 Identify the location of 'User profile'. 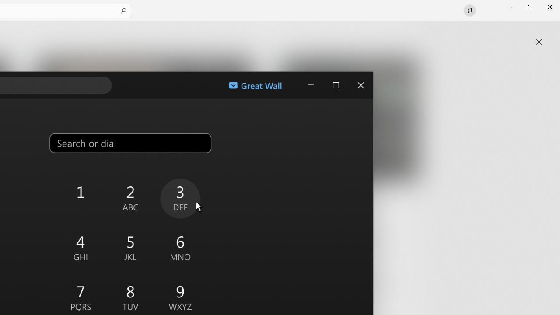
(469, 10).